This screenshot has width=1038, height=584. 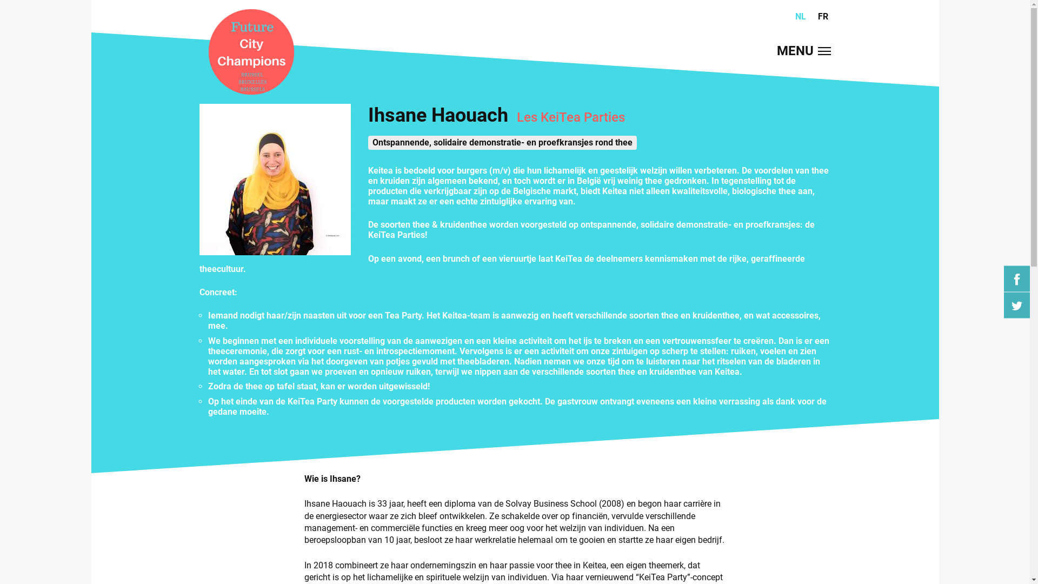 What do you see at coordinates (801, 16) in the screenshot?
I see `'NL'` at bounding box center [801, 16].